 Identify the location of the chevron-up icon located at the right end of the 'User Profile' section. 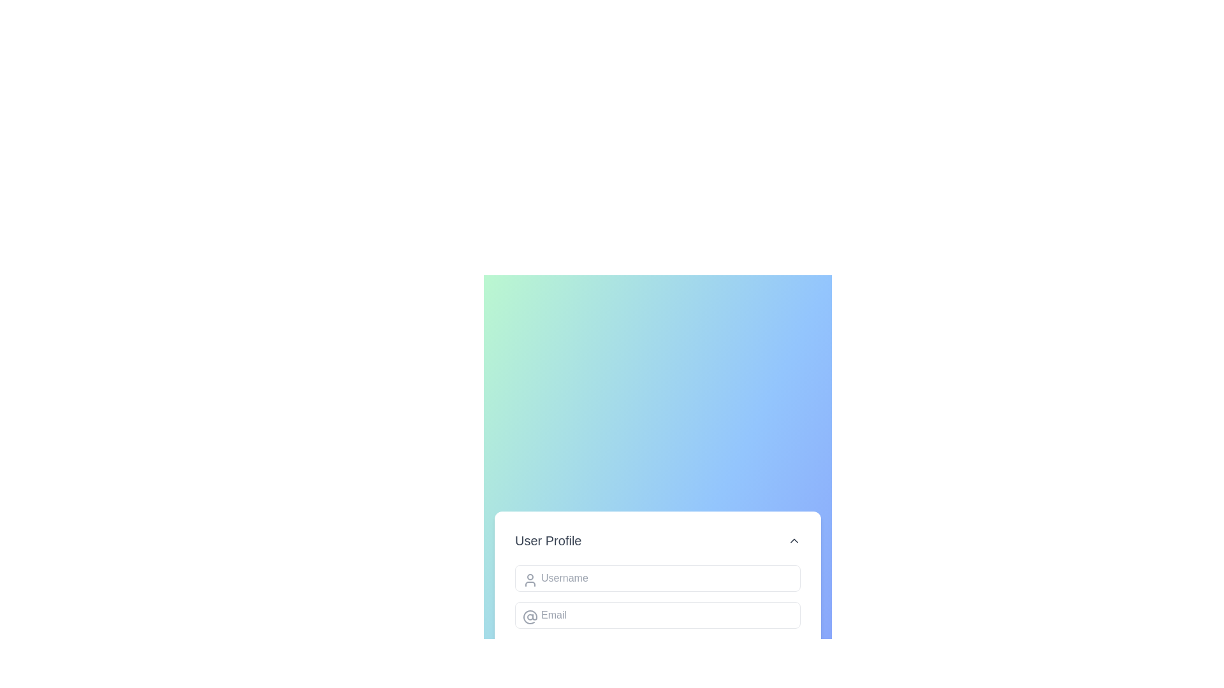
(794, 540).